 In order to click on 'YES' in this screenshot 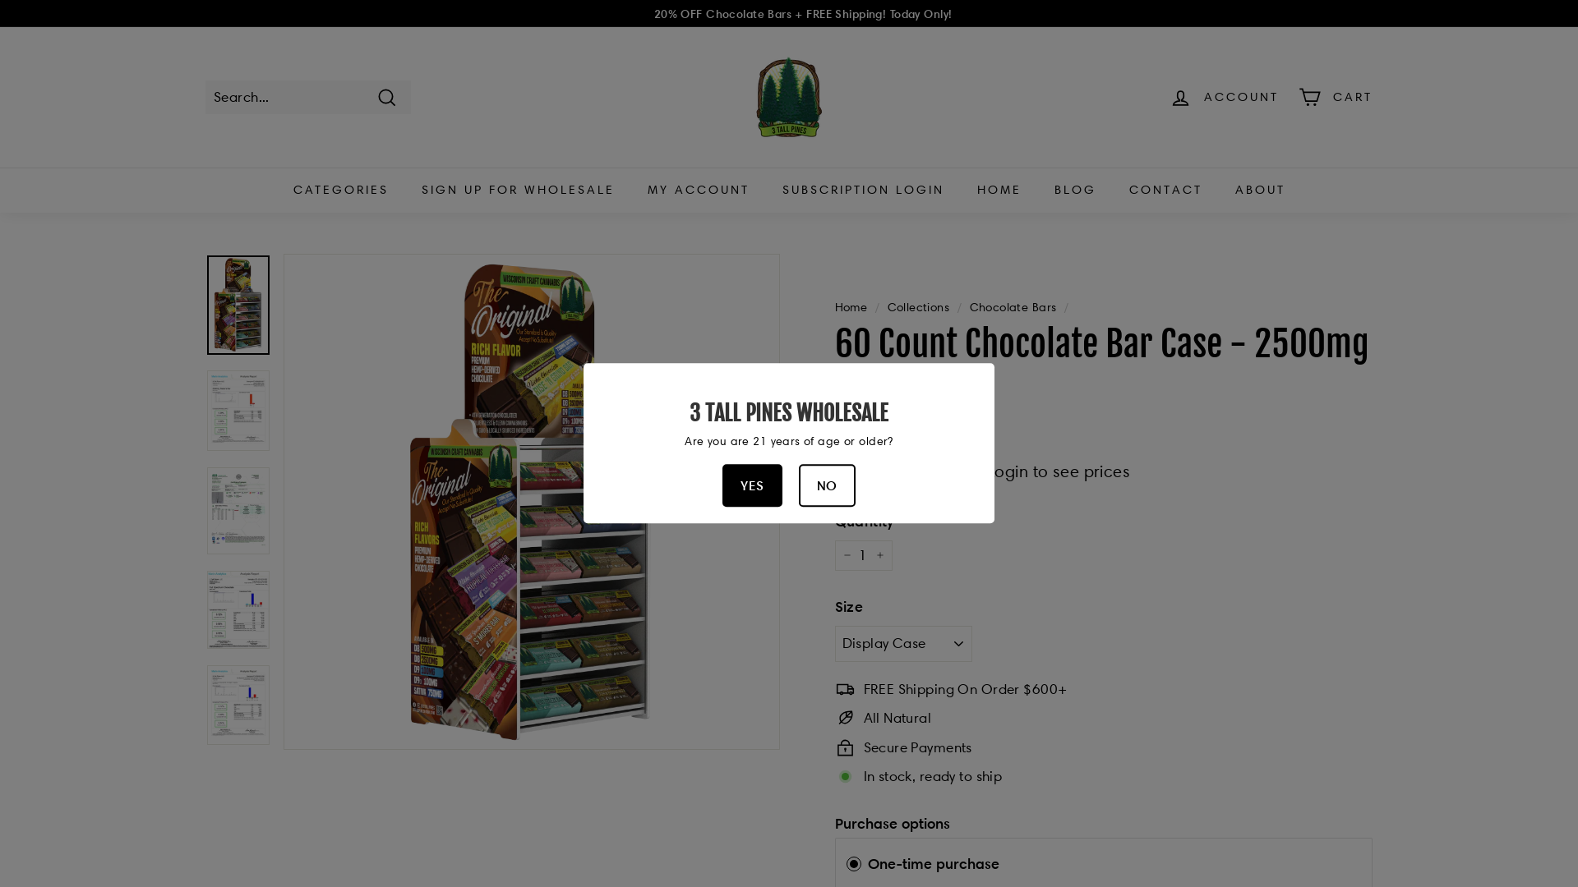, I will do `click(751, 485)`.